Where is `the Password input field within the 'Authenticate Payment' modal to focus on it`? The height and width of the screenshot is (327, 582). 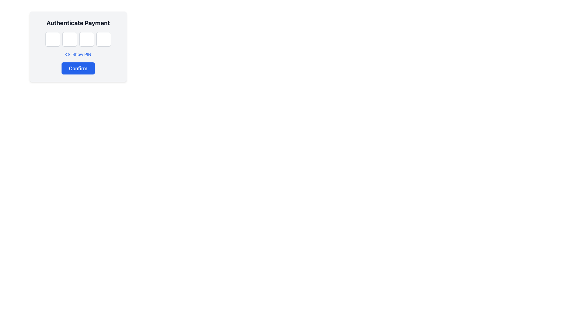
the Password input field within the 'Authenticate Payment' modal to focus on it is located at coordinates (86, 39).